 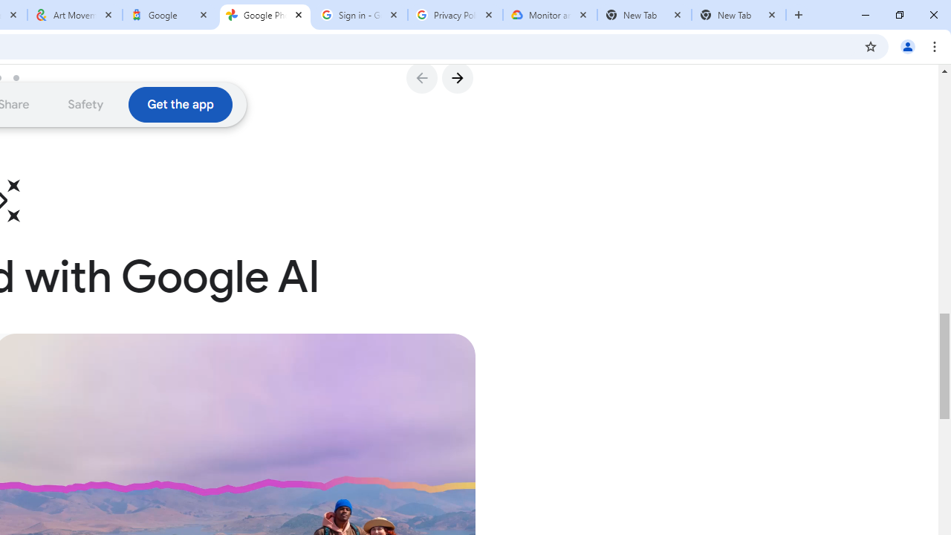 What do you see at coordinates (456, 78) in the screenshot?
I see `'Go to Next Slide'` at bounding box center [456, 78].